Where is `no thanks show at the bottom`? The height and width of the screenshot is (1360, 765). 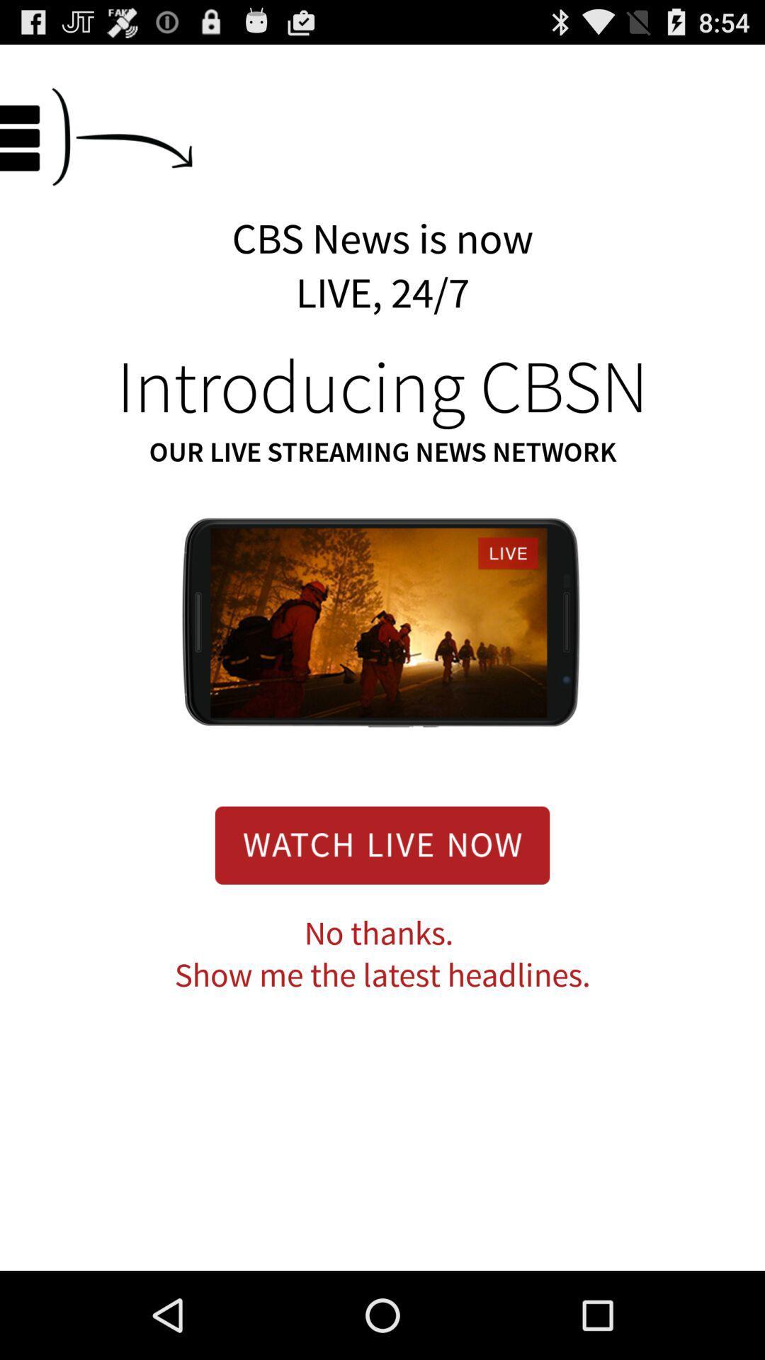 no thanks show at the bottom is located at coordinates (382, 955).